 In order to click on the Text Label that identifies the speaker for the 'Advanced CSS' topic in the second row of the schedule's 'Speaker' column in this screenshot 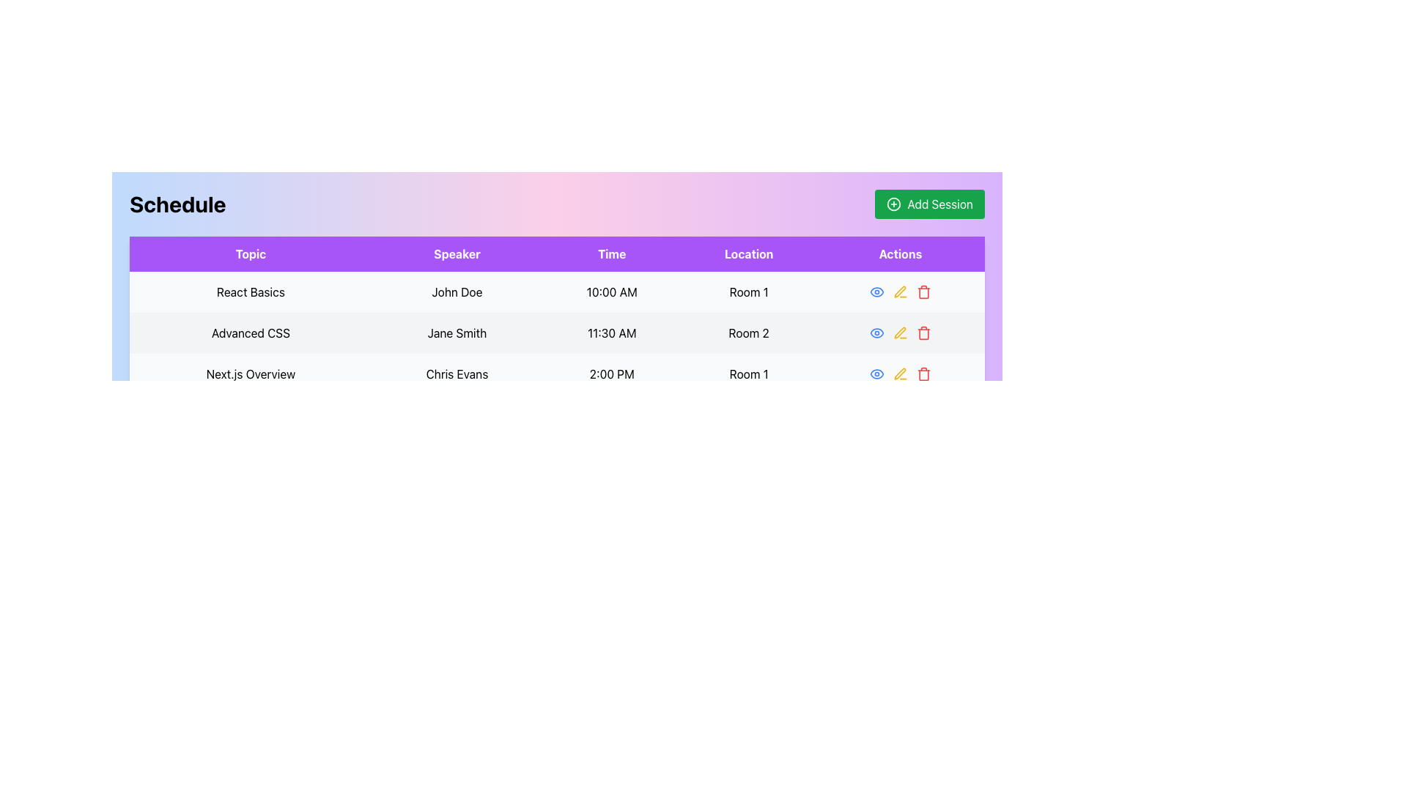, I will do `click(457, 333)`.